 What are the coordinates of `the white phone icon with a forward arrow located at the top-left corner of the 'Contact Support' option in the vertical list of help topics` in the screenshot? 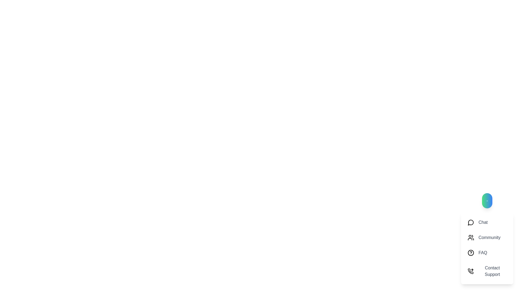 It's located at (470, 271).